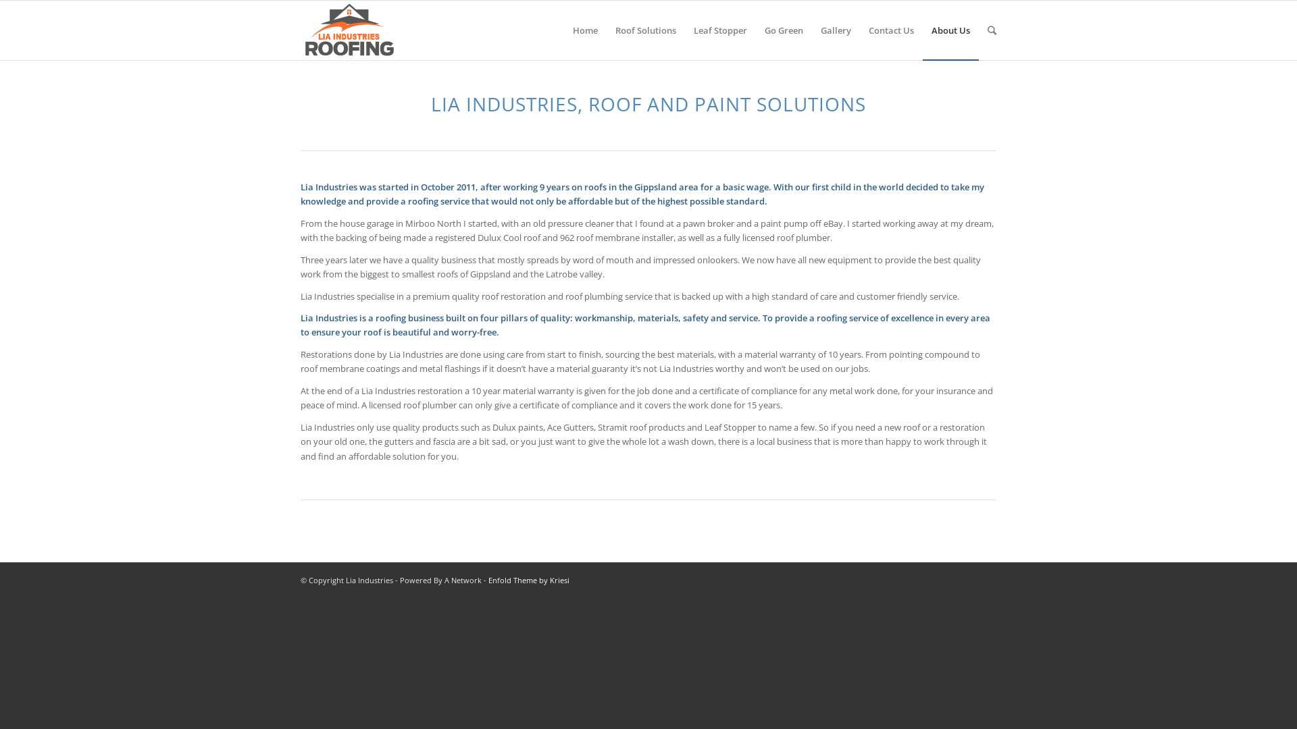  Describe the element at coordinates (891, 30) in the screenshot. I see `'Contact Us'` at that location.